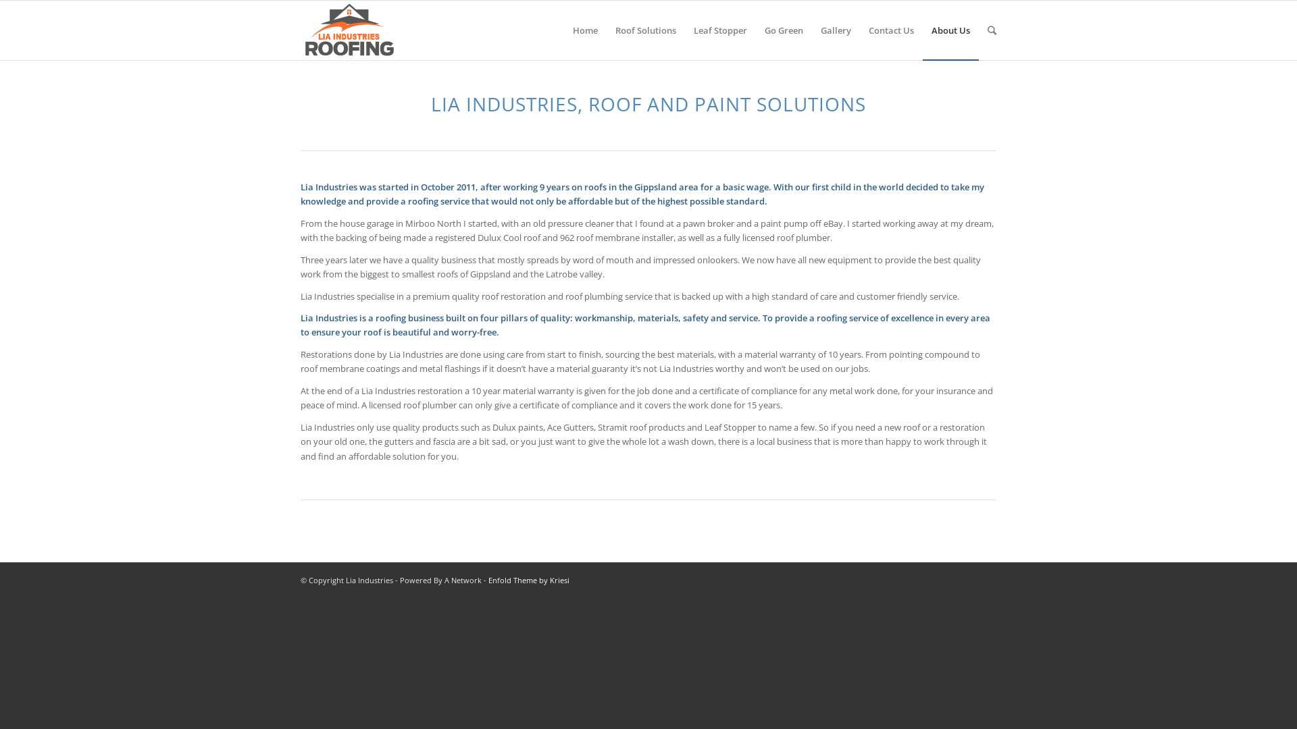  Describe the element at coordinates (891, 30) in the screenshot. I see `'Contact Us'` at that location.